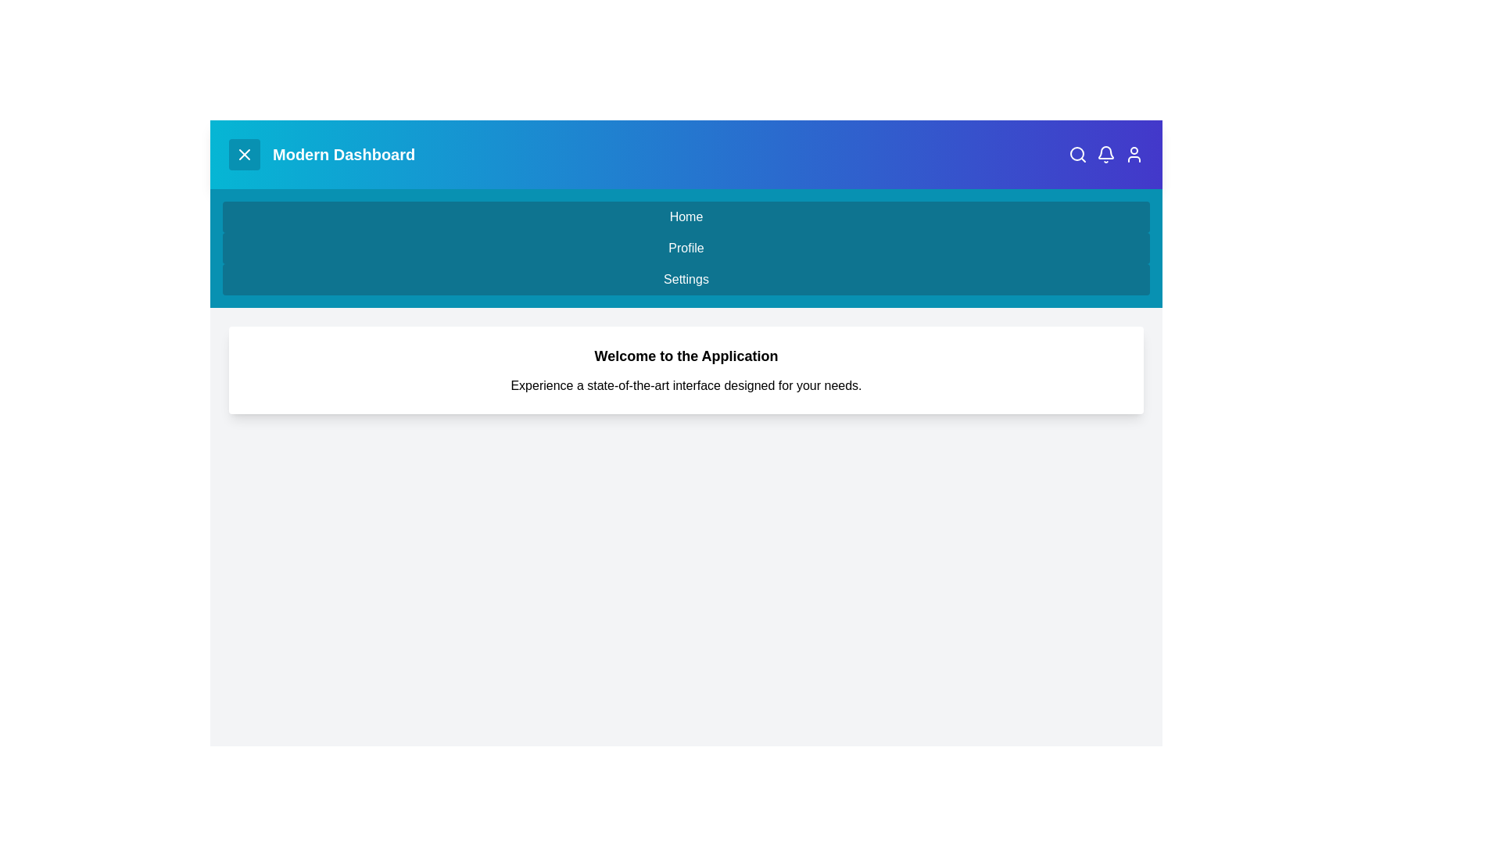 Image resolution: width=1501 pixels, height=844 pixels. Describe the element at coordinates (1076, 154) in the screenshot. I see `the 'Search' icon located in the app bar` at that location.